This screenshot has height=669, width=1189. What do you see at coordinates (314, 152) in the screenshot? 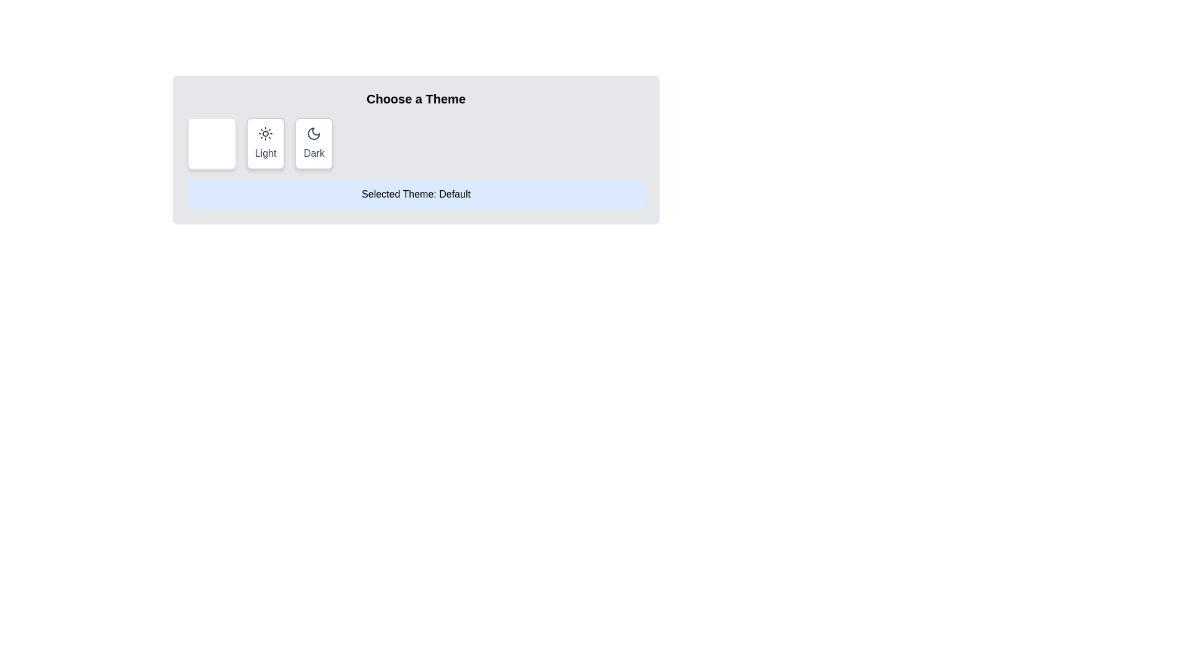
I see `the text label that indicates the dark theme option in the theme selection interface, which is located in the upper-right portion of the page` at bounding box center [314, 152].